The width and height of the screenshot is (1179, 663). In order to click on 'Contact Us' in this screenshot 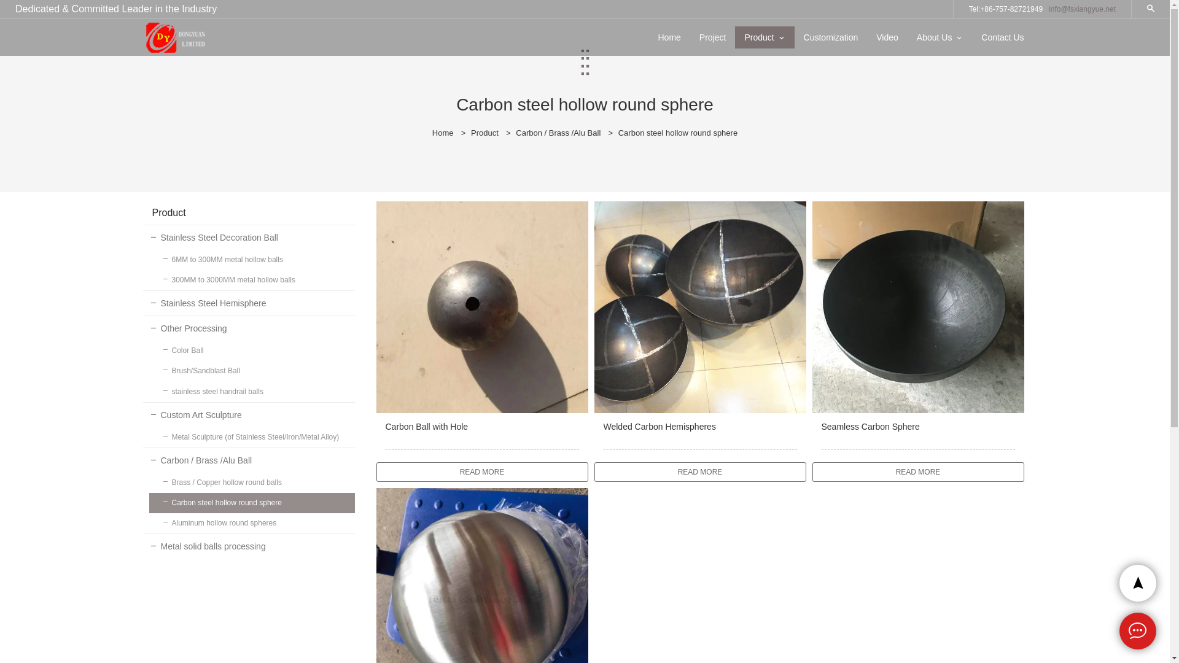, I will do `click(1002, 37)`.